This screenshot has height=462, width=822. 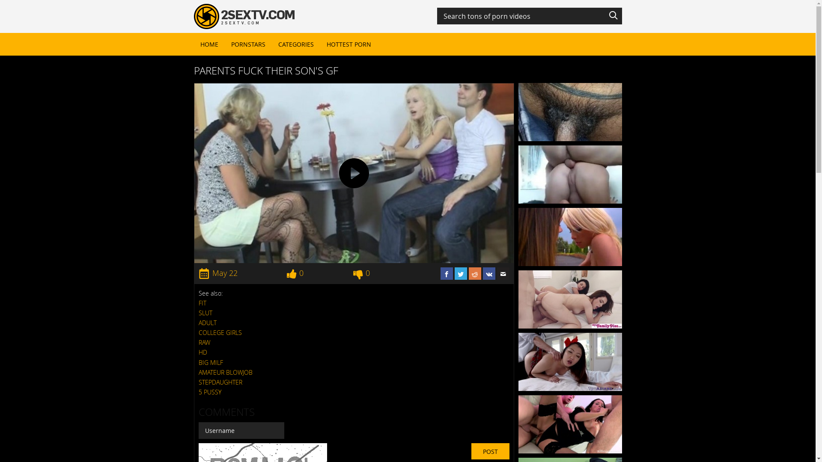 What do you see at coordinates (203, 352) in the screenshot?
I see `'HD'` at bounding box center [203, 352].